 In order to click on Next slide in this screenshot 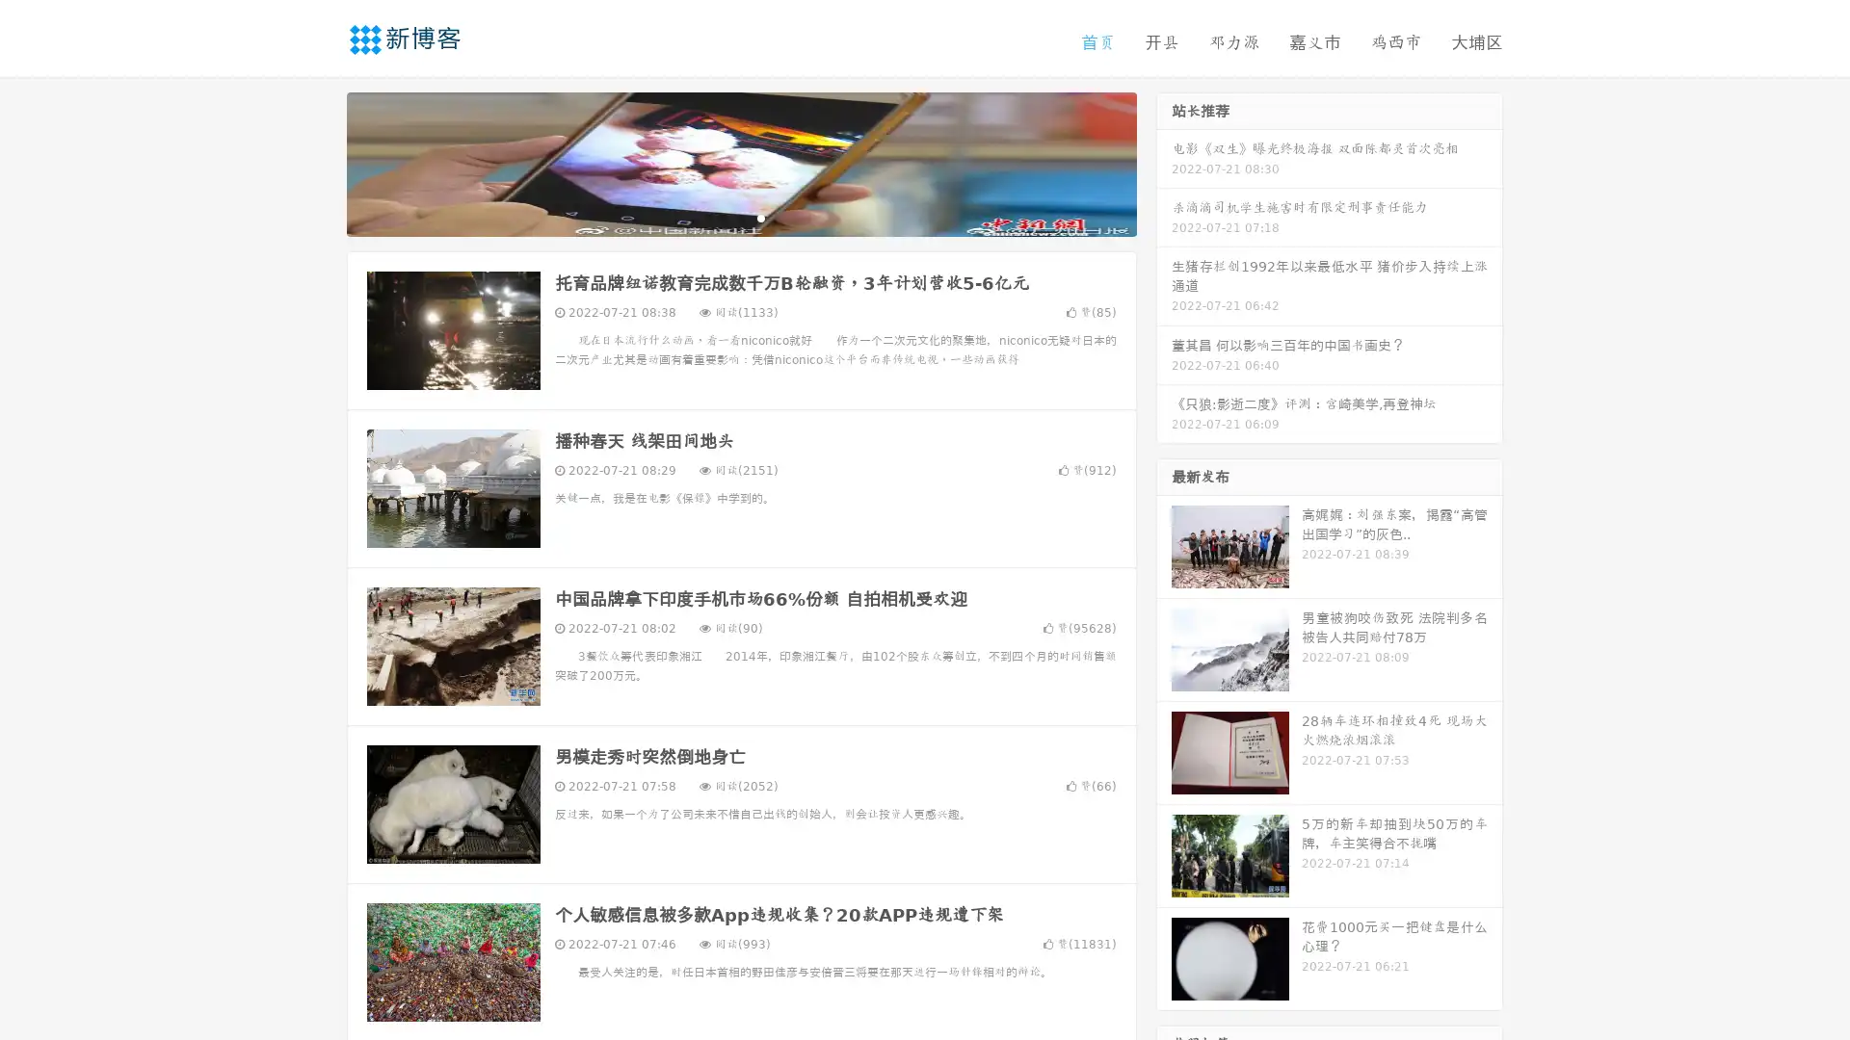, I will do `click(1164, 162)`.